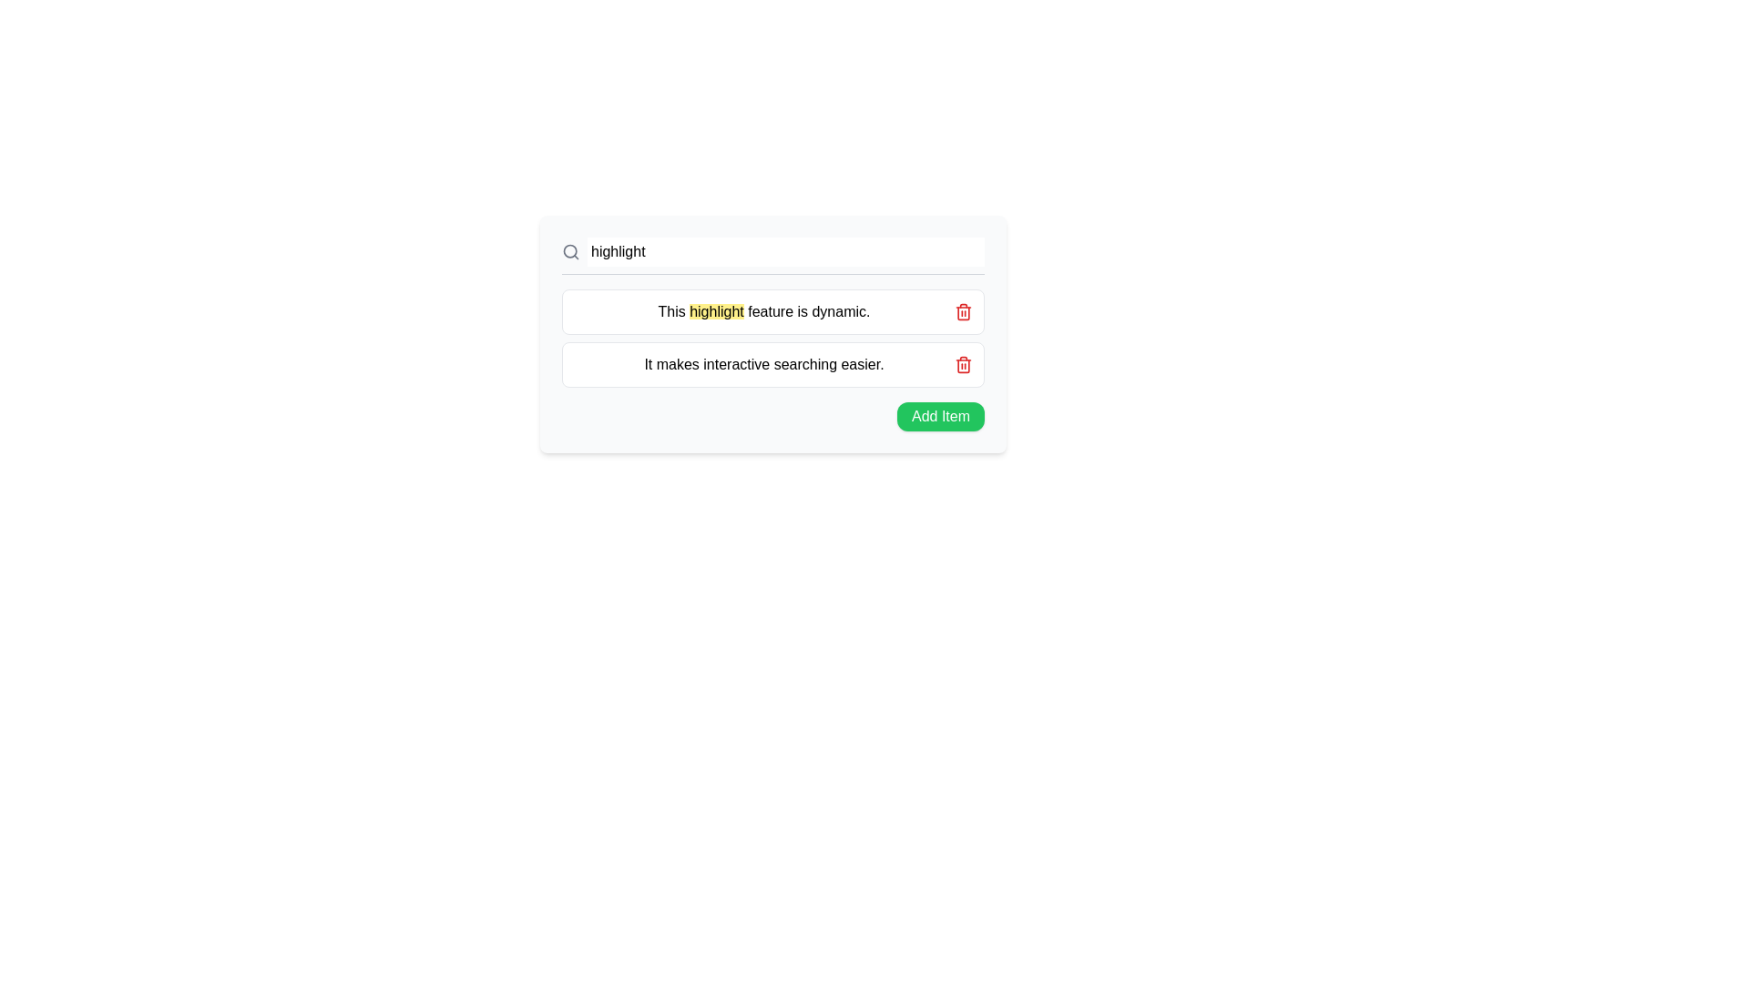 This screenshot has width=1749, height=983. What do you see at coordinates (940, 417) in the screenshot?
I see `the green button with rounded corners labeled 'Add Item'` at bounding box center [940, 417].